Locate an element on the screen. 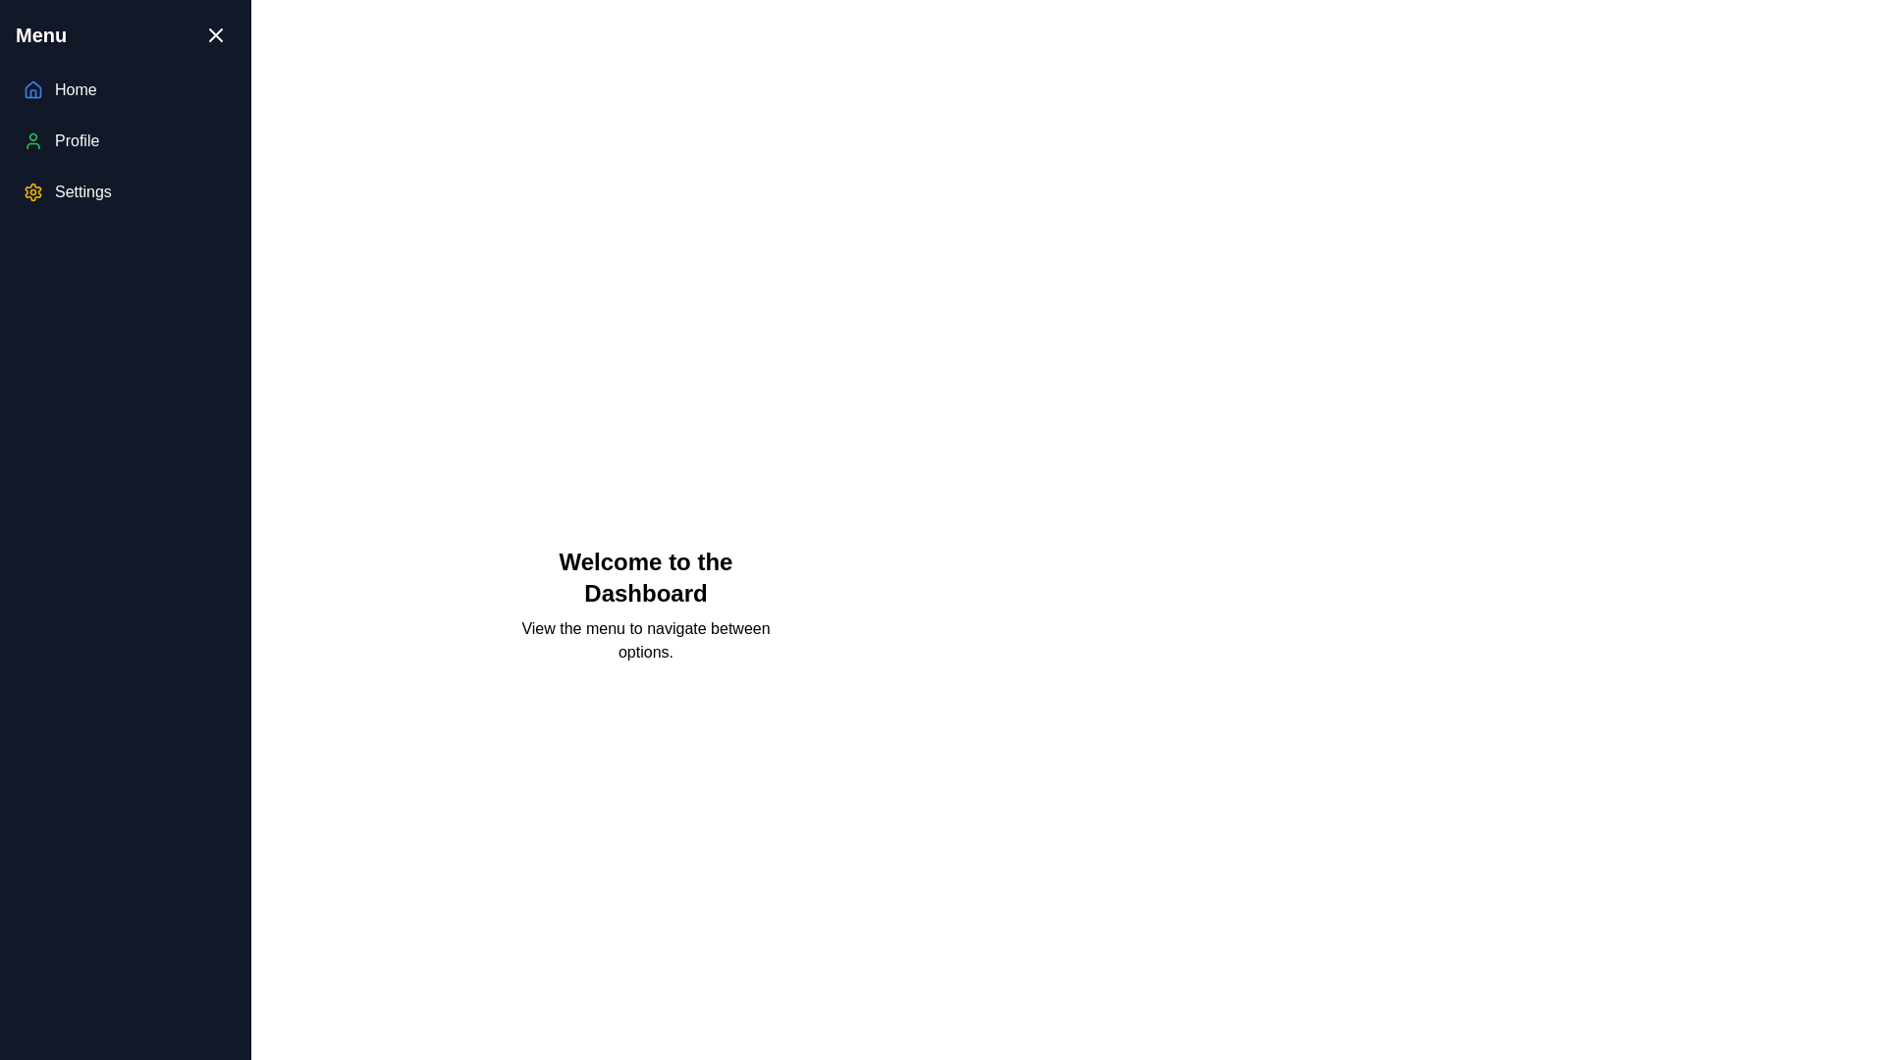 The height and width of the screenshot is (1060, 1885). the Close icon located at the top-right corner of the navigation menu panel, which is a decorative graphic used to dismiss or close the navigation menu is located at coordinates (216, 34).